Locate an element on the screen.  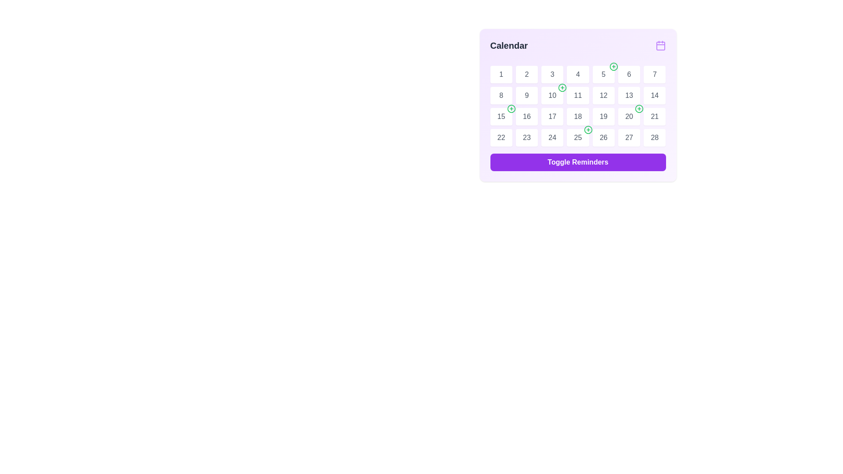
the button-like icon located in the top-right corner of the '15' date cell in the calendar grid is located at coordinates (511, 108).